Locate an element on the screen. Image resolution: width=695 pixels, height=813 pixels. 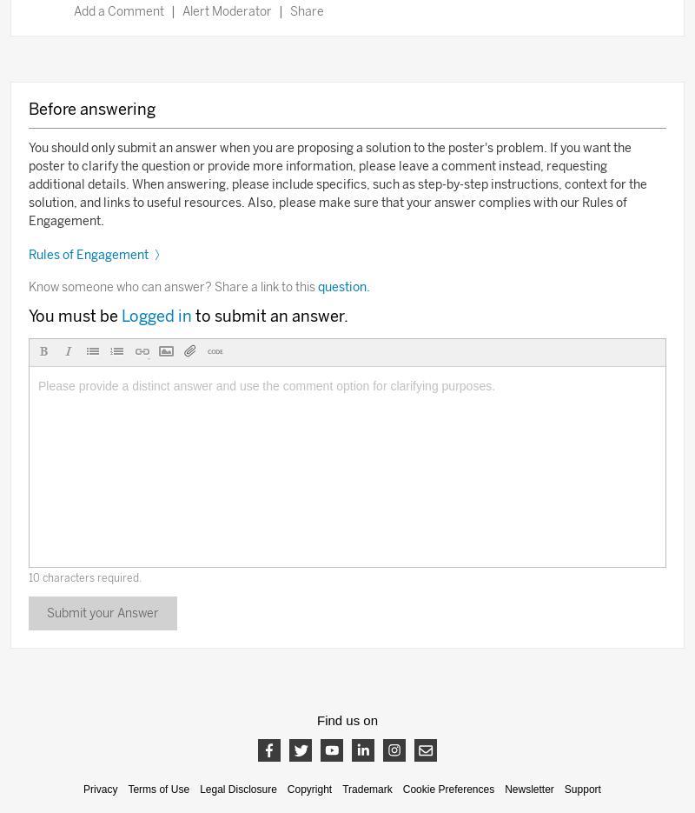
'Add a Comment' is located at coordinates (73, 10).